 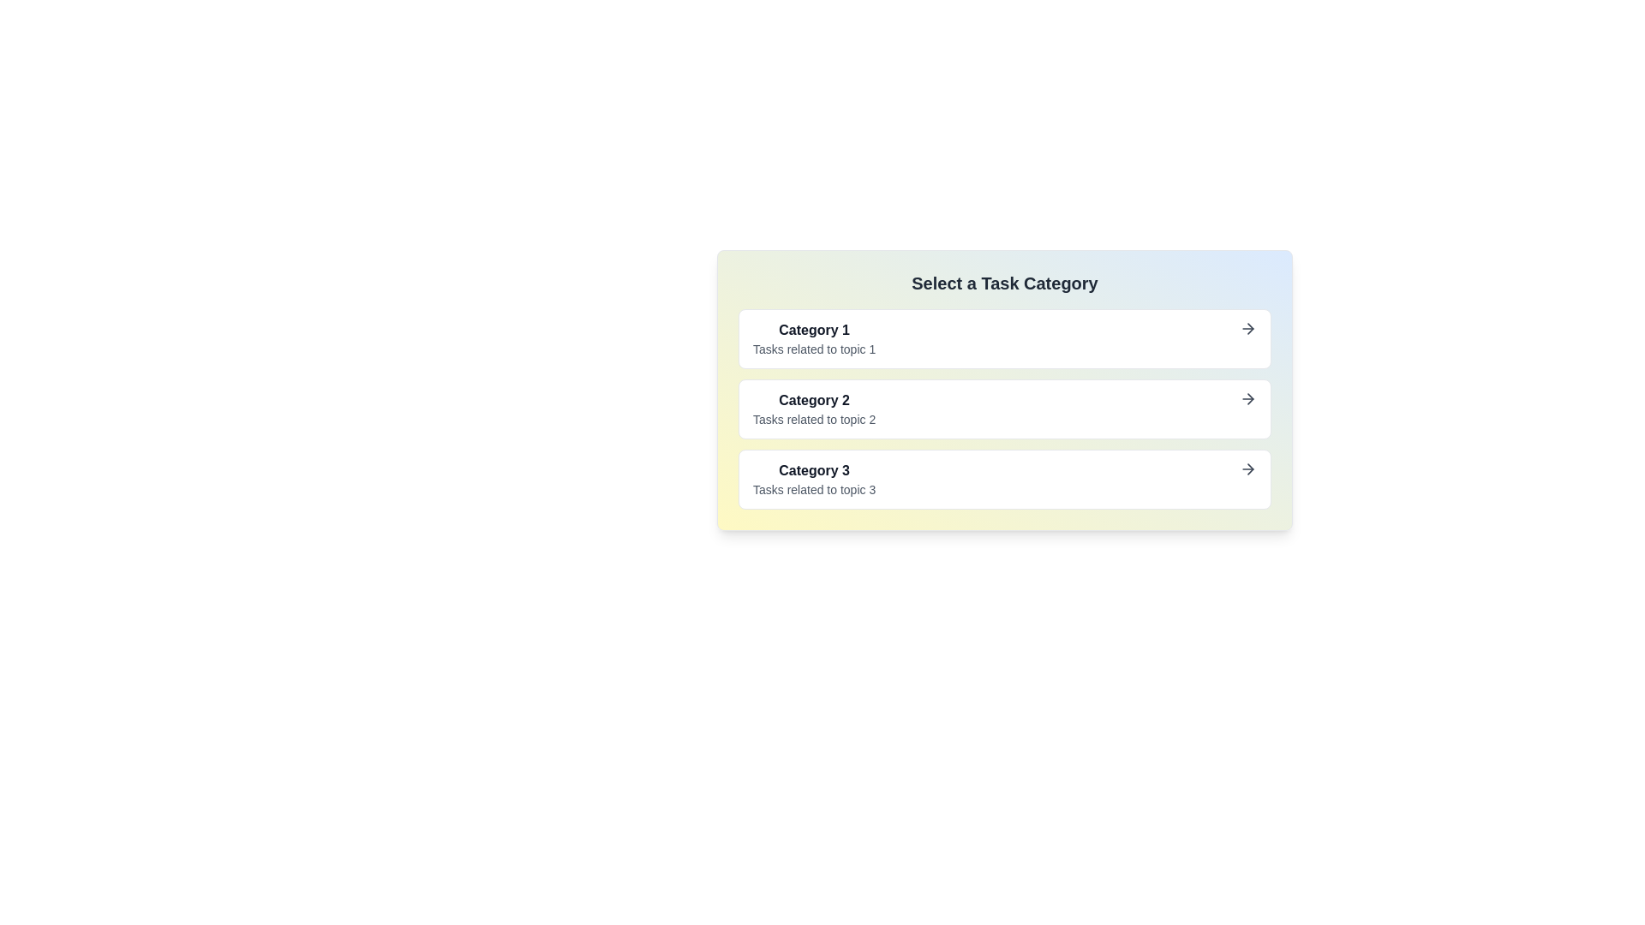 I want to click on the second button in a vertically stacked list, so click(x=1004, y=409).